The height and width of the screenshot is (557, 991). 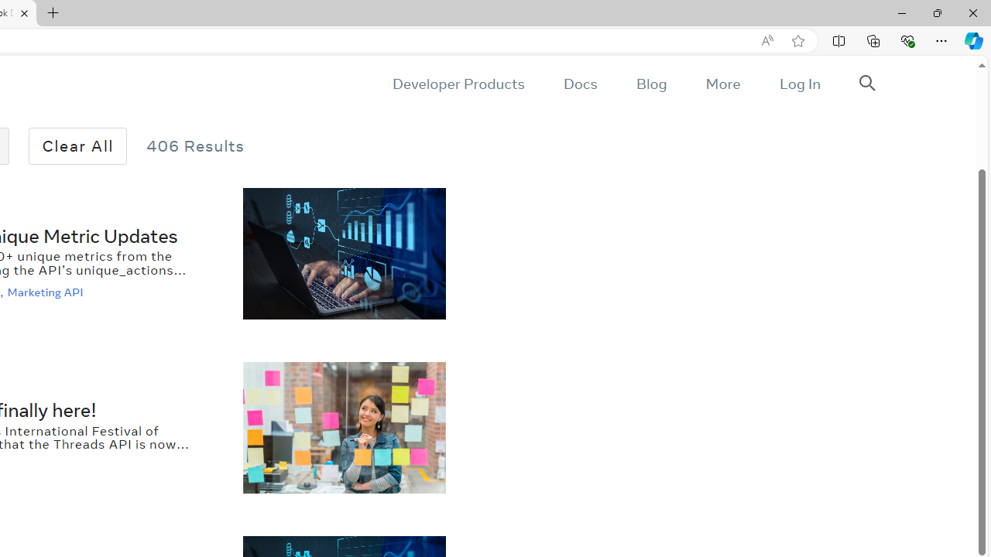 What do you see at coordinates (767, 40) in the screenshot?
I see `'Read aloud this page (Ctrl+Shift+U)'` at bounding box center [767, 40].